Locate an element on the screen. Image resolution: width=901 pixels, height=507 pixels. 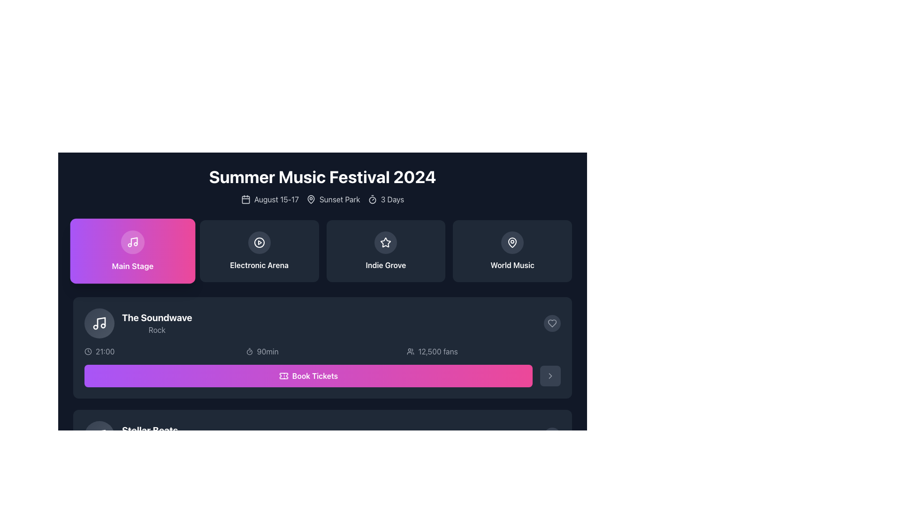
the button for booking tickets located below the text 'The Soundwave' and to the left of a smaller circular button with an arrow is located at coordinates (308, 376).